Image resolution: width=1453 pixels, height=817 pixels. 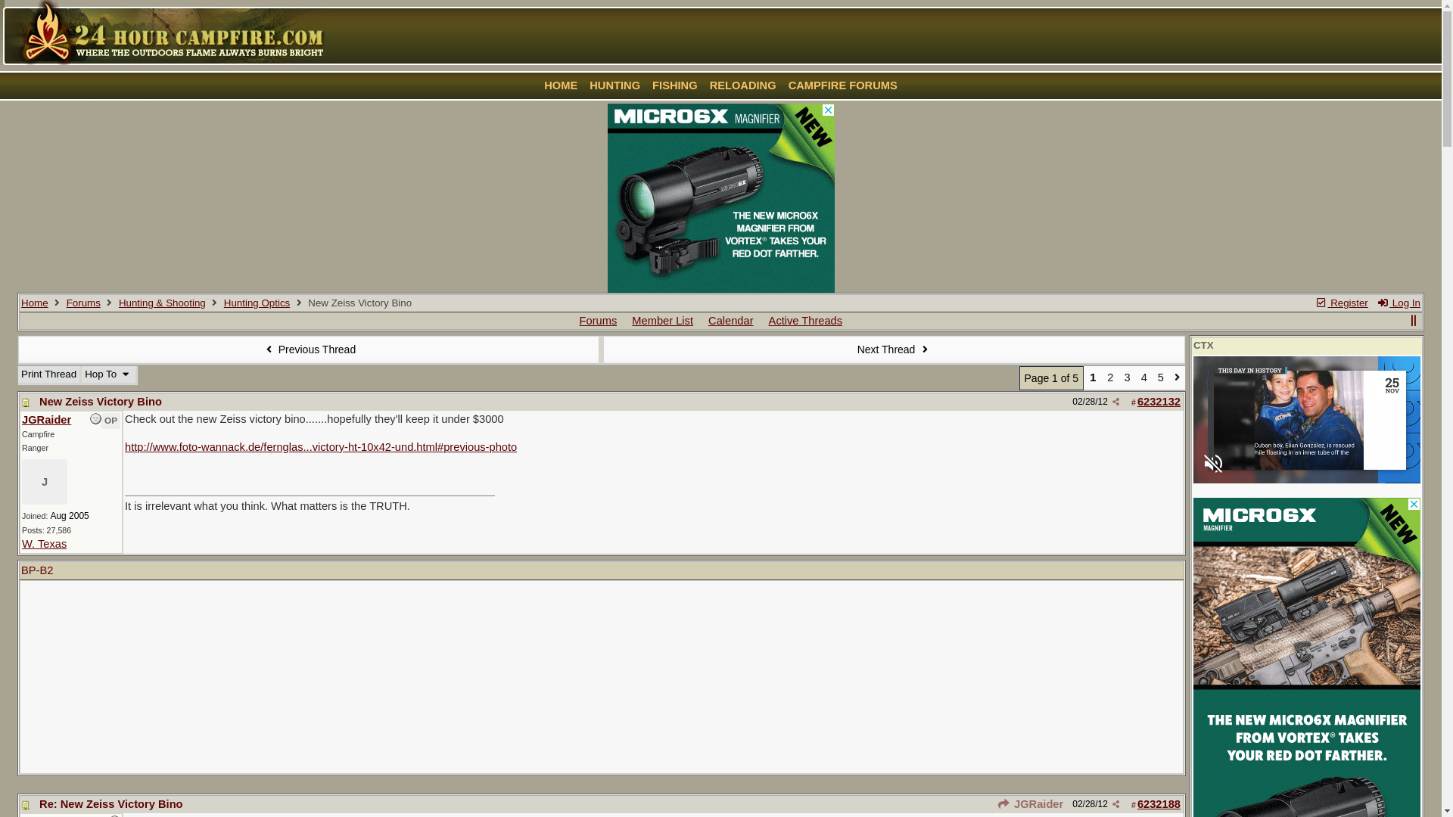 What do you see at coordinates (1126, 377) in the screenshot?
I see `'3'` at bounding box center [1126, 377].